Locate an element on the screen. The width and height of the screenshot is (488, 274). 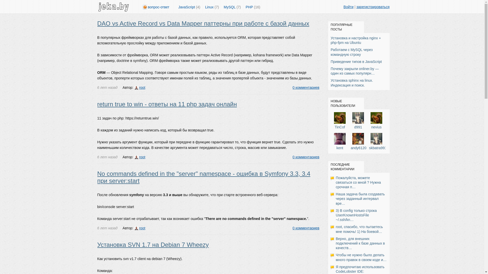
'MySQL (7)' is located at coordinates (232, 7).